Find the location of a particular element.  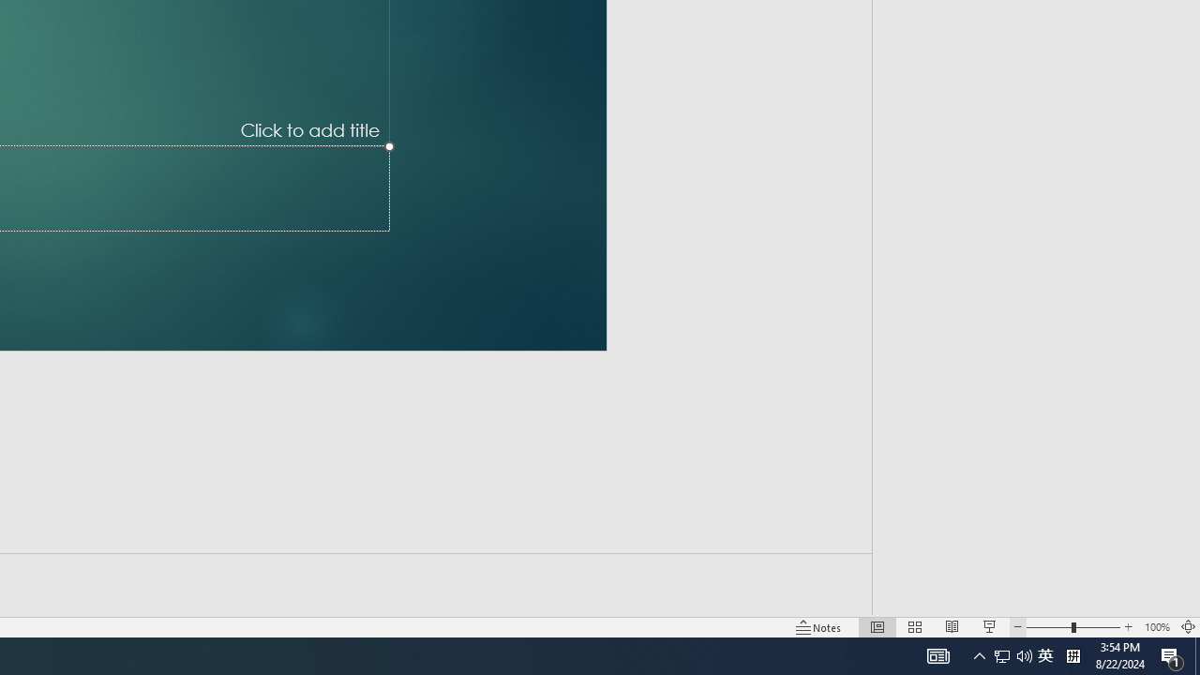

'Reading View' is located at coordinates (952, 627).